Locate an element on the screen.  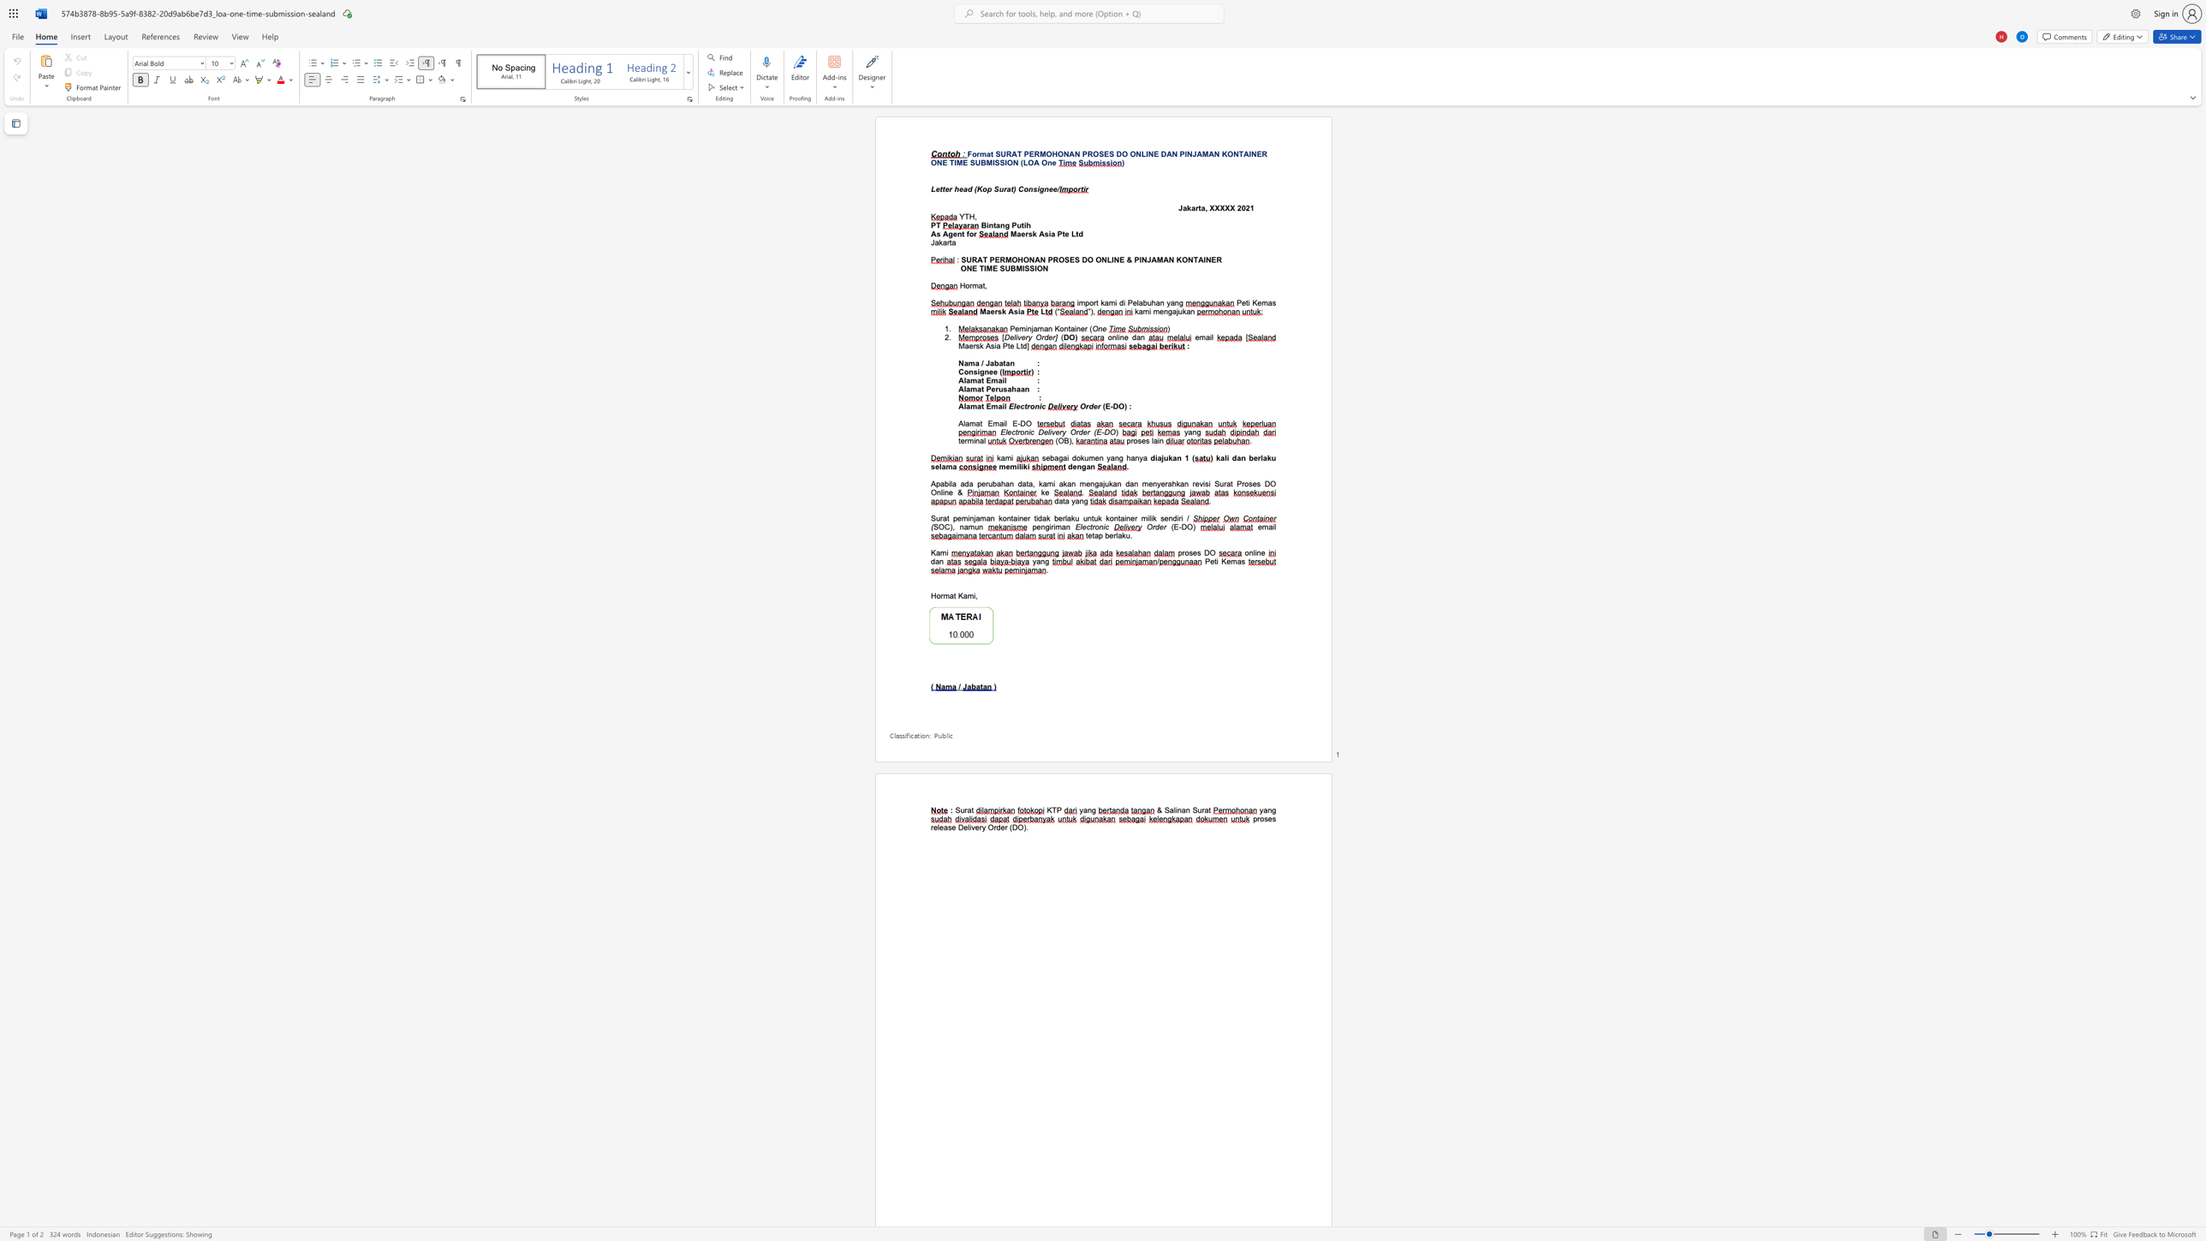
the space between the continuous character "r" and "a" in the text is located at coordinates (1006, 189).